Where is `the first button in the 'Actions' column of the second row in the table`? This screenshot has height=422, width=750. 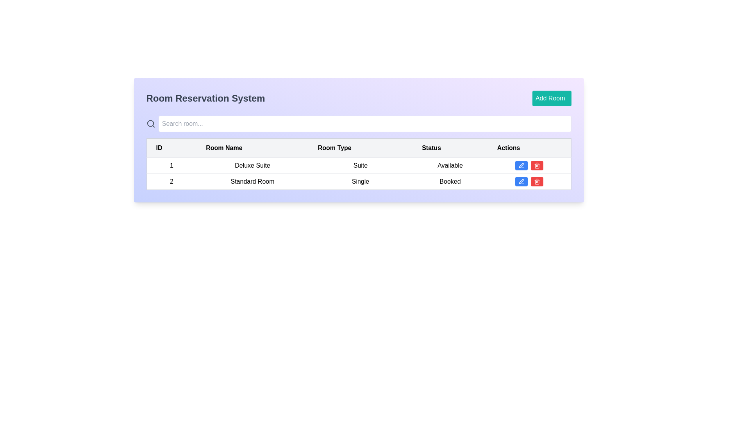
the first button in the 'Actions' column of the second row in the table is located at coordinates (521, 182).